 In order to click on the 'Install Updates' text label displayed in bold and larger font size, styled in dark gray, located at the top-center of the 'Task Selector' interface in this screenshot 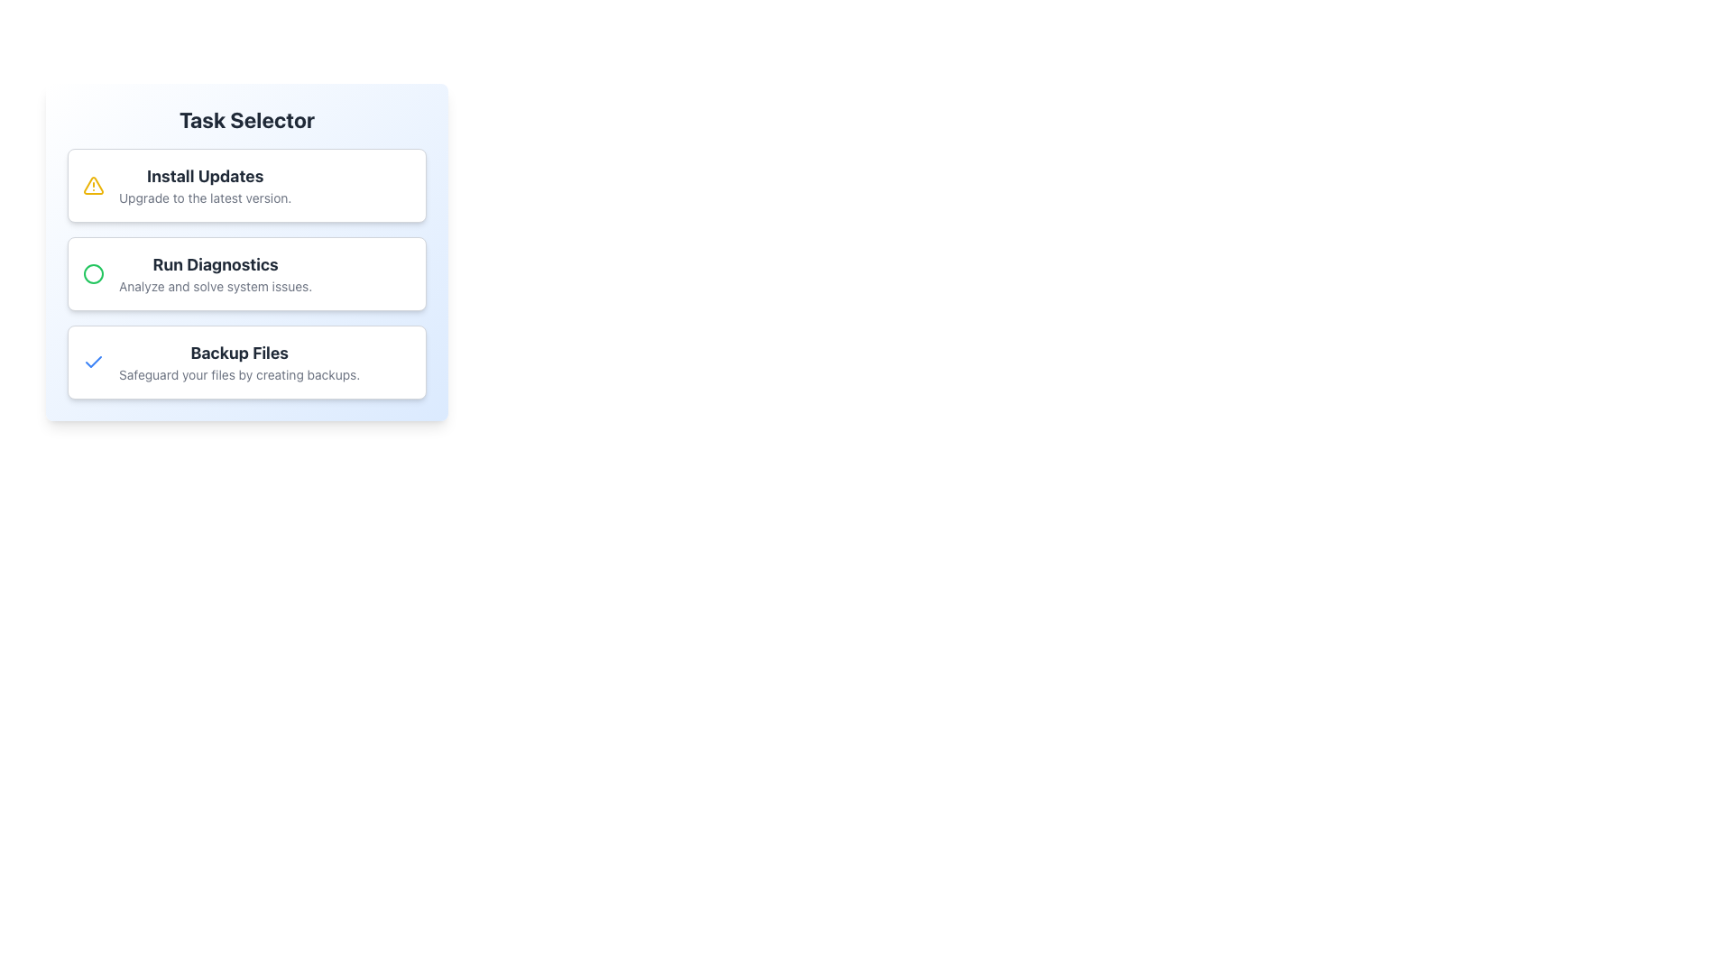, I will do `click(205, 177)`.